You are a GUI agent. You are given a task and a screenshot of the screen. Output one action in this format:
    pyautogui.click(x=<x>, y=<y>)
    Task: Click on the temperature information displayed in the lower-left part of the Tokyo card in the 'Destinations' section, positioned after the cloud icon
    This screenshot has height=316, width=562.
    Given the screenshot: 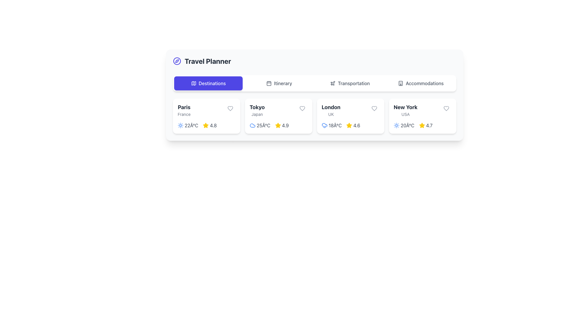 What is the action you would take?
    pyautogui.click(x=260, y=125)
    